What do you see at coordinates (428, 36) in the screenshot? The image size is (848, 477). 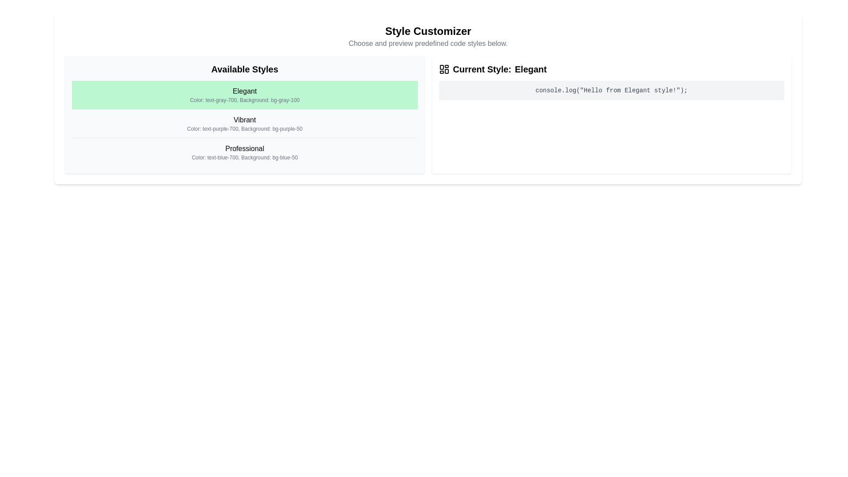 I see `the 'Style Customizer' text block that contains the title and subtitle, which is centrally aligned at the top of a card section` at bounding box center [428, 36].